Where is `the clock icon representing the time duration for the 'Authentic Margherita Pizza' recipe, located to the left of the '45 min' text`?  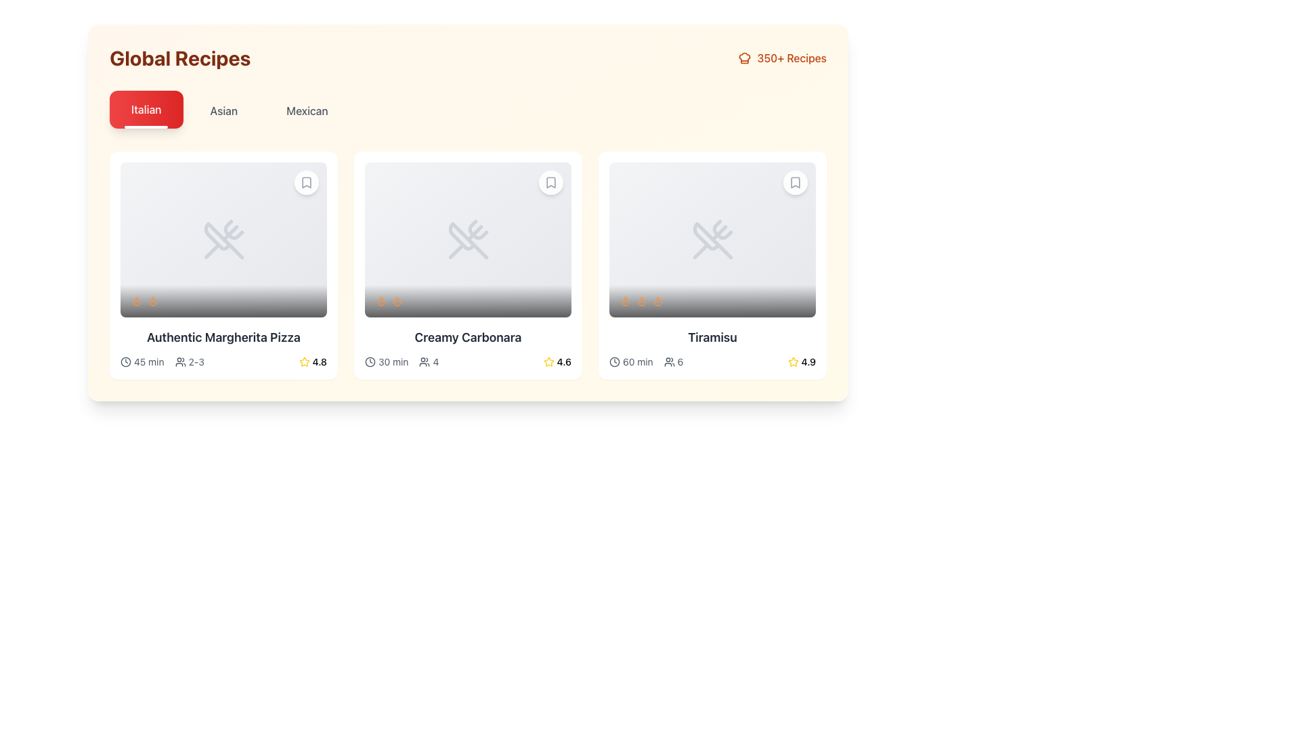
the clock icon representing the time duration for the 'Authentic Margherita Pizza' recipe, located to the left of the '45 min' text is located at coordinates (126, 360).